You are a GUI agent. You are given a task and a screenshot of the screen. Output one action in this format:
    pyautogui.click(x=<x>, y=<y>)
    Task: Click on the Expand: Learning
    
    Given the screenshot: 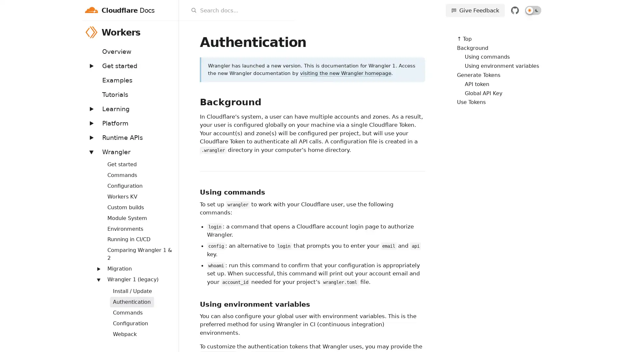 What is the action you would take?
    pyautogui.click(x=90, y=108)
    